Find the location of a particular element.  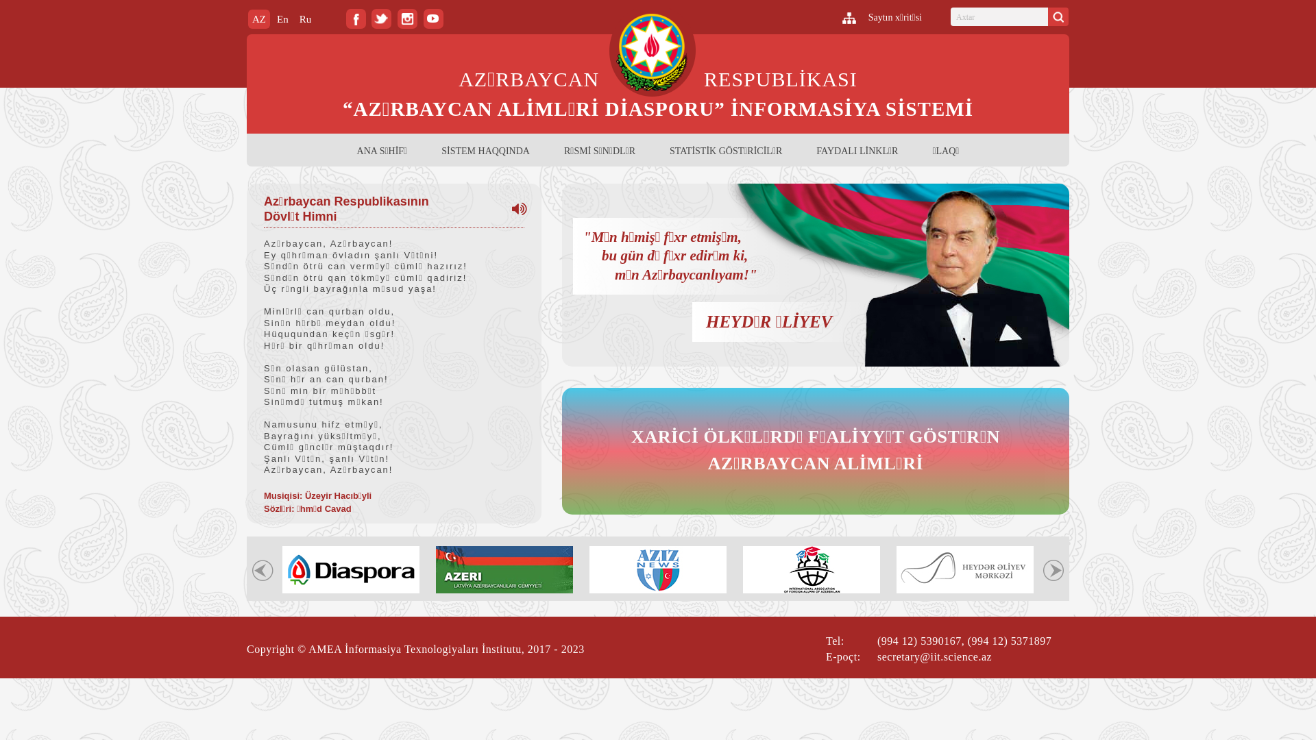

'AZ' is located at coordinates (259, 18).